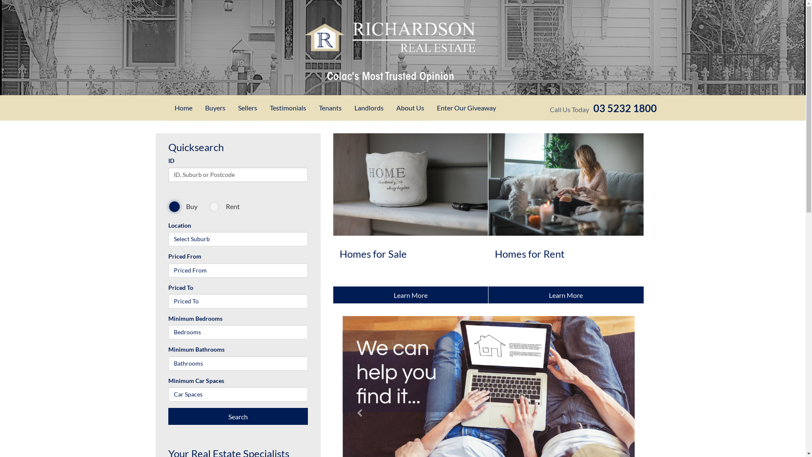 This screenshot has height=457, width=812. What do you see at coordinates (620, 367) in the screenshot?
I see `'Next'` at bounding box center [620, 367].